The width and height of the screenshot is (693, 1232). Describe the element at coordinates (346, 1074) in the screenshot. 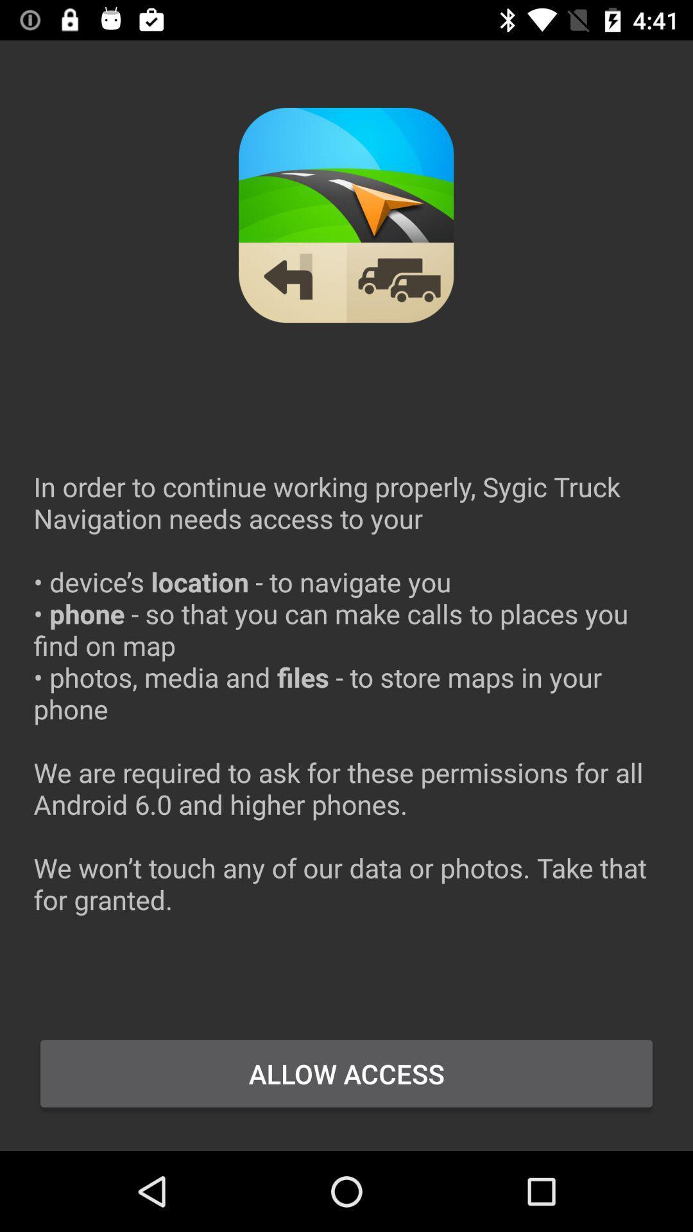

I see `allow access item` at that location.